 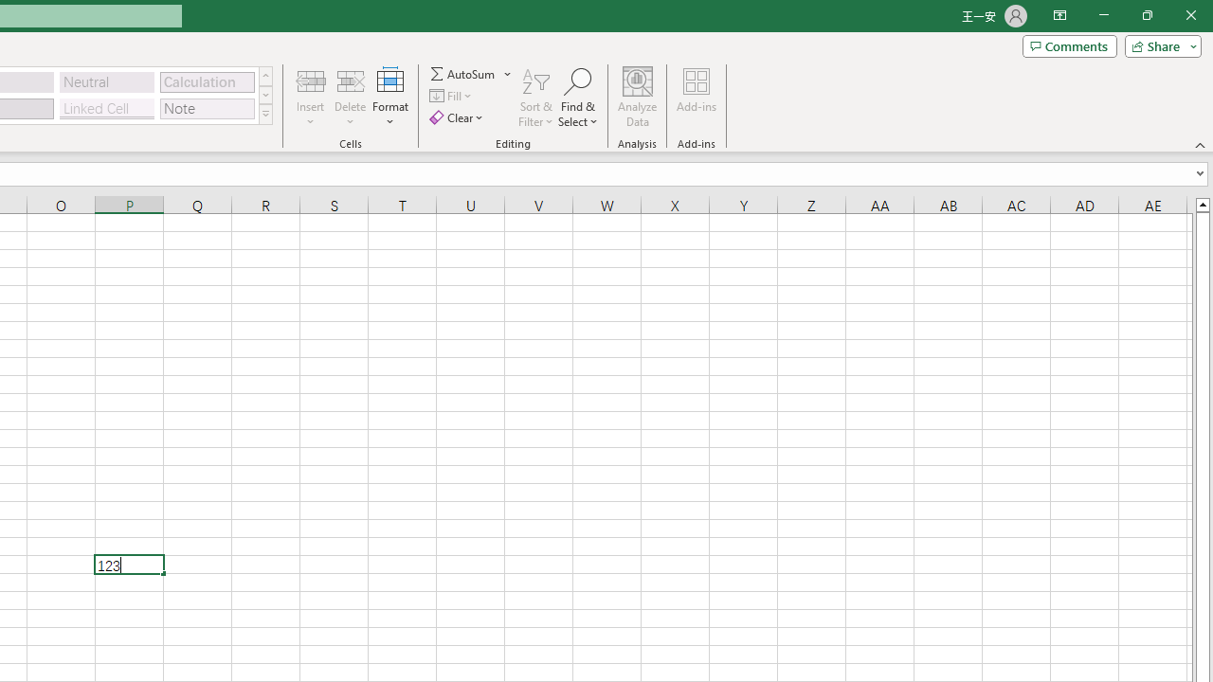 I want to click on 'Format', so click(x=389, y=98).